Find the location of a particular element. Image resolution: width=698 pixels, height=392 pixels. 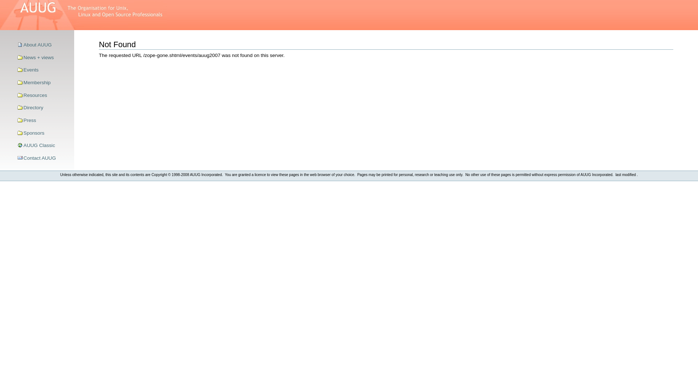

'Membership' is located at coordinates (43, 82).